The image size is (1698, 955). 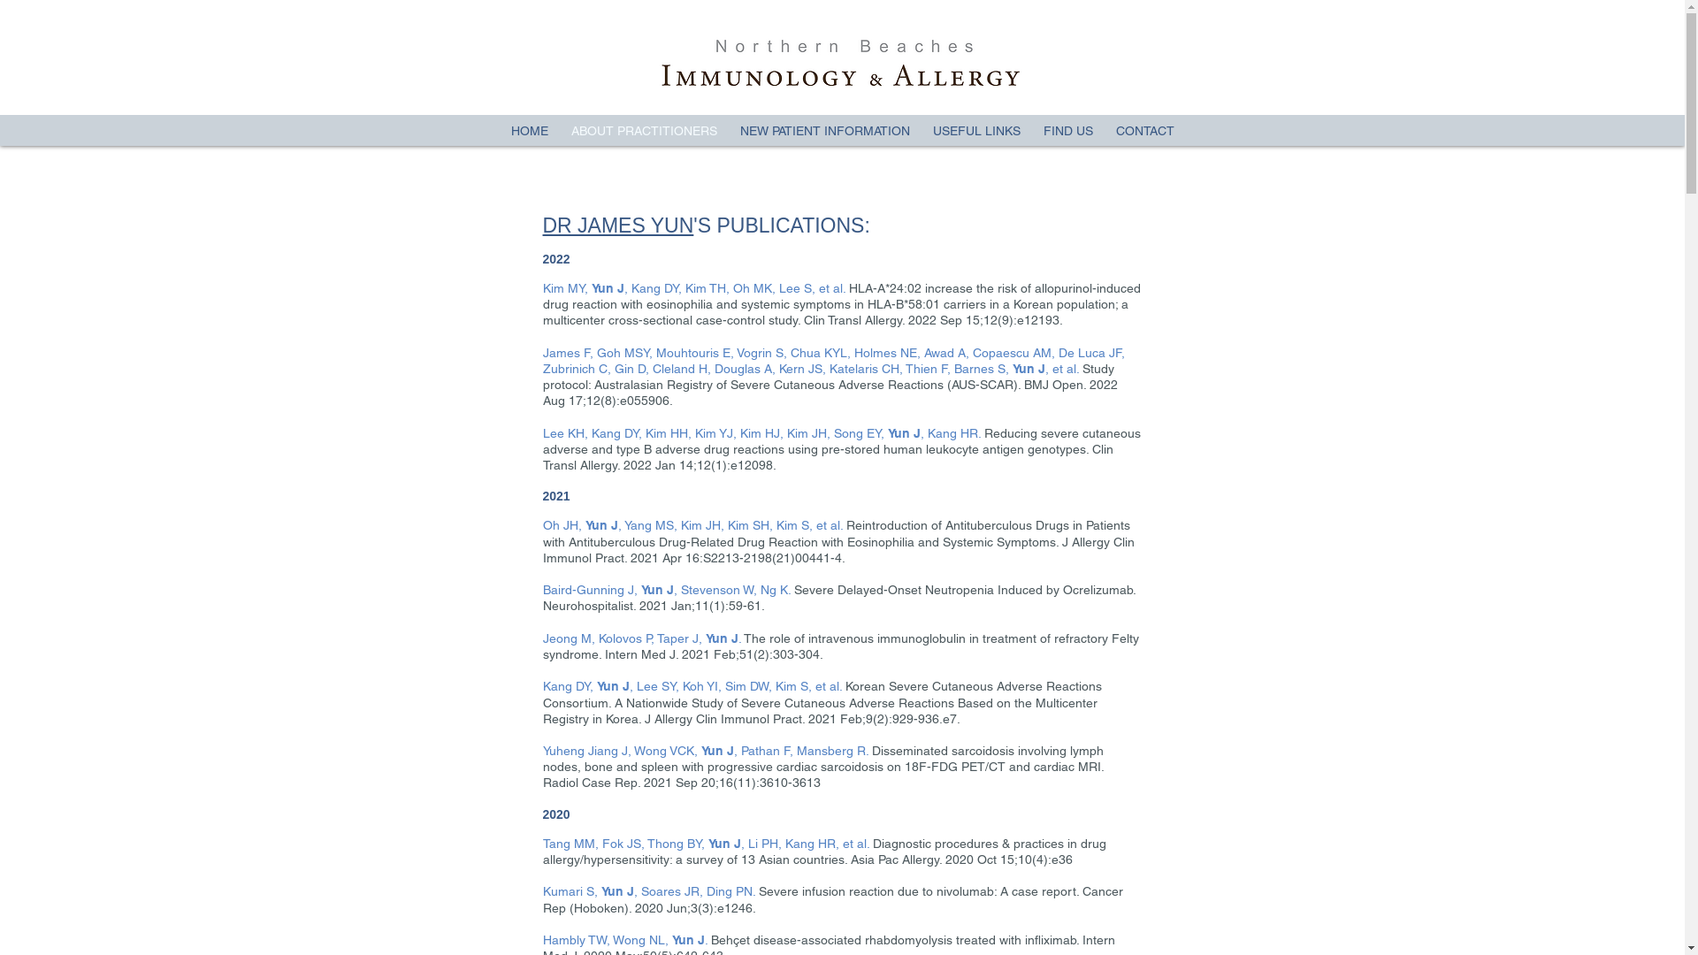 What do you see at coordinates (838, 61) in the screenshot?
I see `'NBIA_logo_web.png'` at bounding box center [838, 61].